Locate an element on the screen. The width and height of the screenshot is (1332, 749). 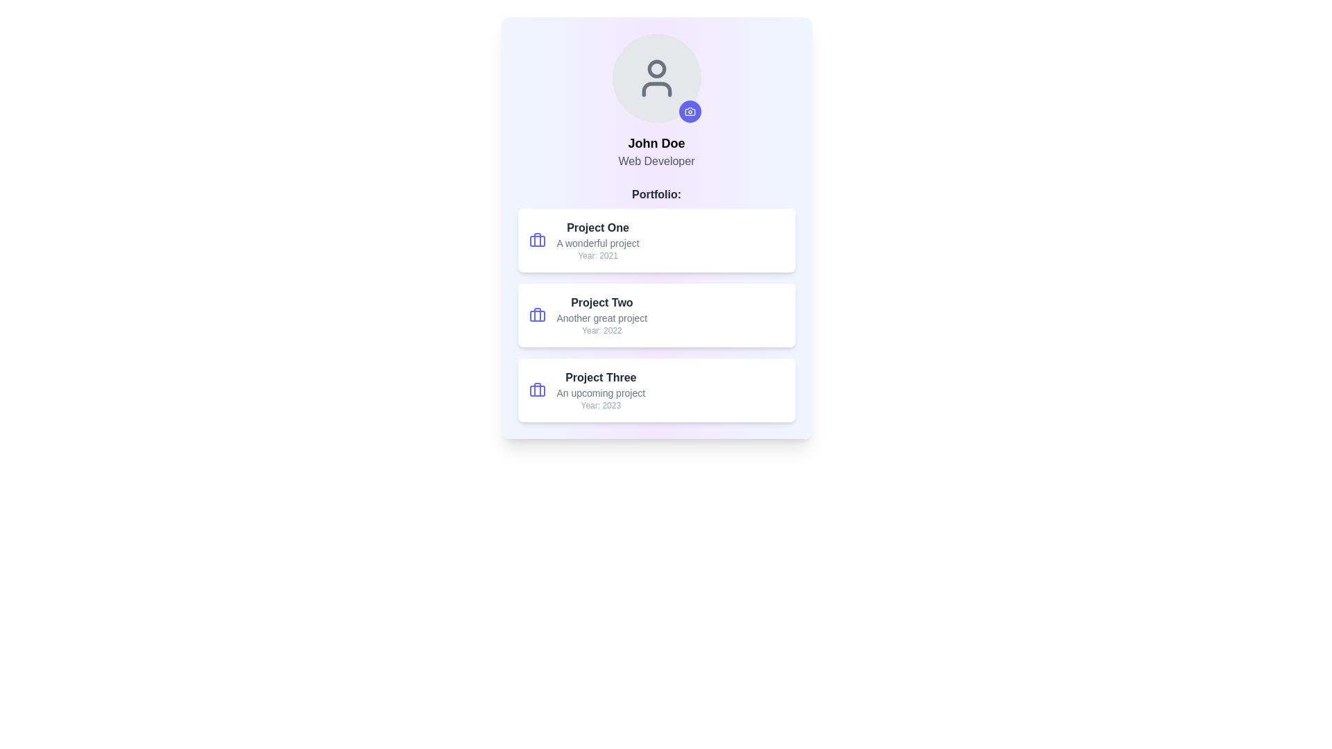
the briefcase icon associated with 'Project Two' is located at coordinates (536, 316).